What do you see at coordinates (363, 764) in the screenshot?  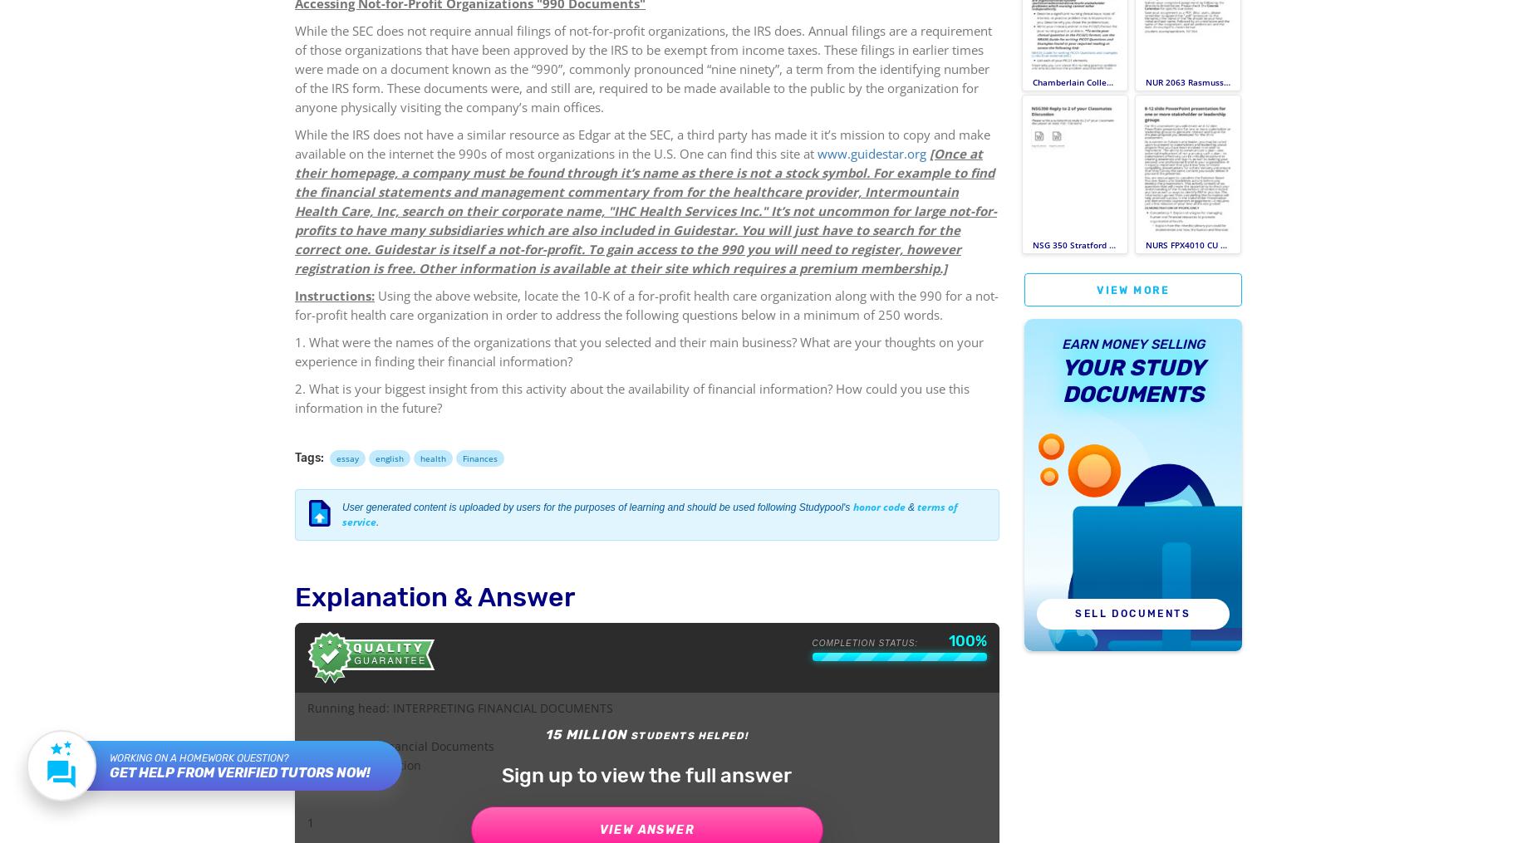 I see `'Institution Affiliation'` at bounding box center [363, 764].